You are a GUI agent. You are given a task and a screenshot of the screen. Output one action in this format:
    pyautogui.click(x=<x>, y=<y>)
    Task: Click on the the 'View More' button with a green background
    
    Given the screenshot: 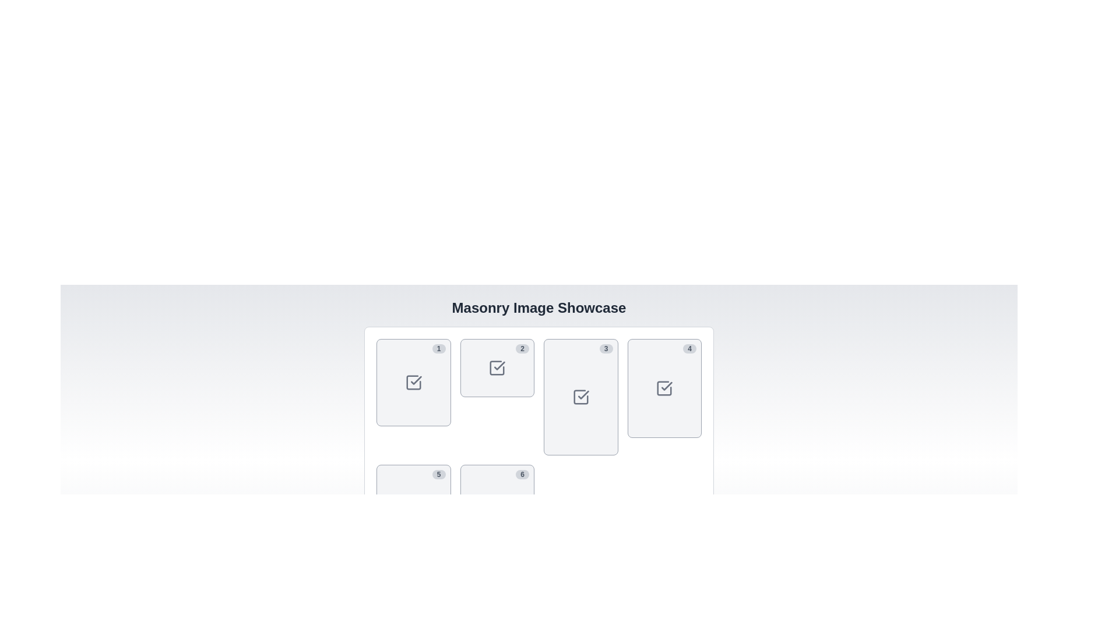 What is the action you would take?
    pyautogui.click(x=413, y=382)
    